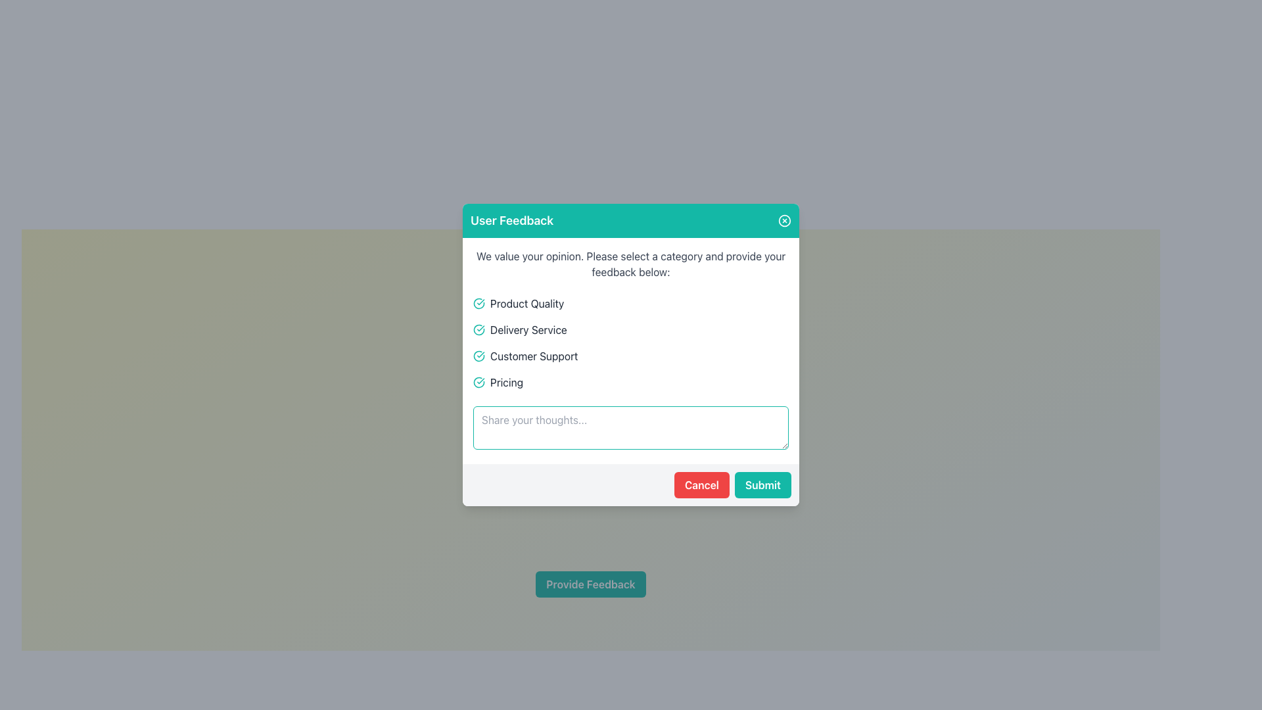  What do you see at coordinates (631, 329) in the screenshot?
I see `the 'Delivery Service' category in the feedback options list` at bounding box center [631, 329].